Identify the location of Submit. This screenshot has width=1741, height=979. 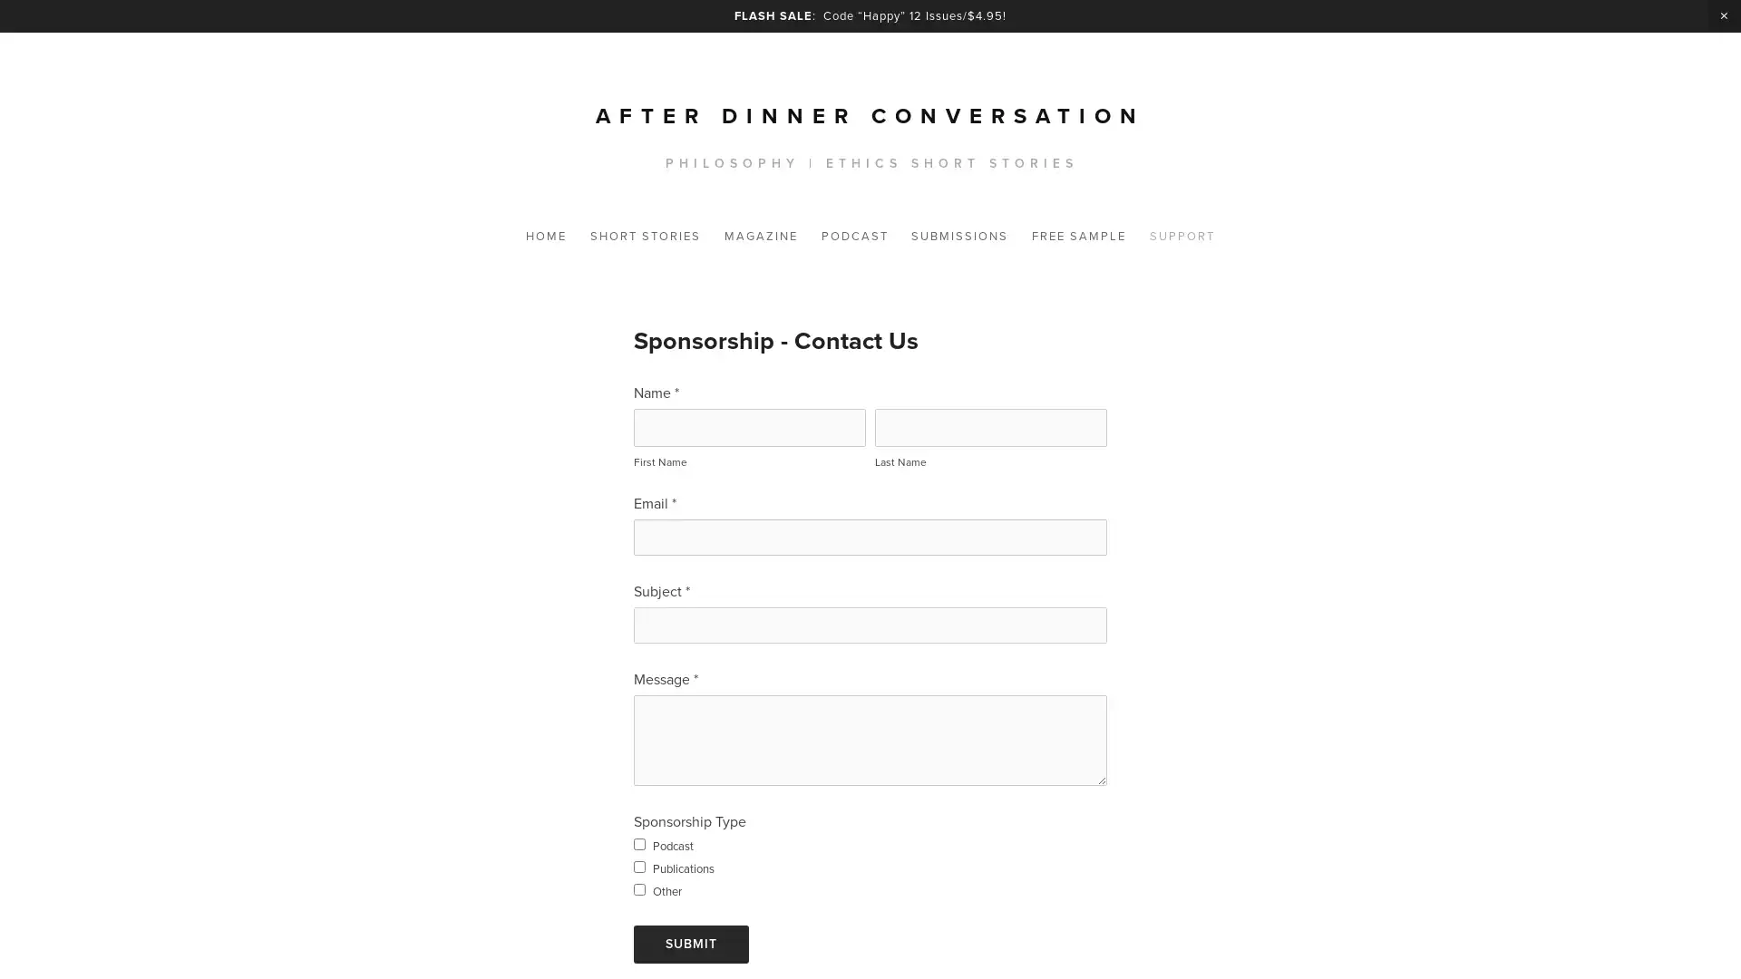
(690, 943).